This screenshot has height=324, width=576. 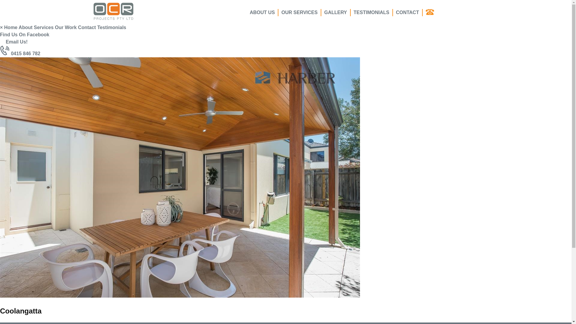 What do you see at coordinates (19, 27) in the screenshot?
I see `'About'` at bounding box center [19, 27].